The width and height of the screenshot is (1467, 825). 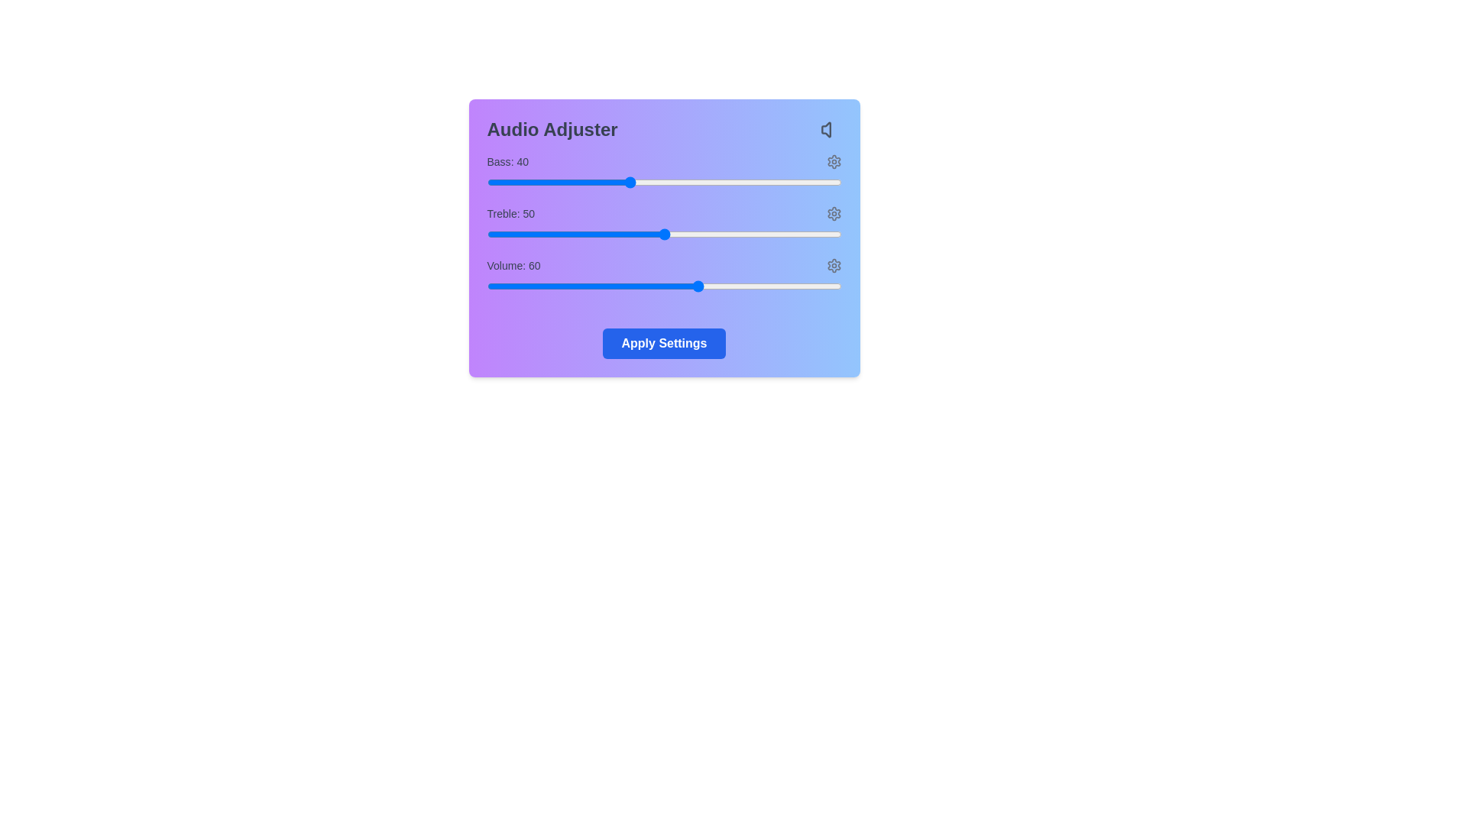 What do you see at coordinates (819, 235) in the screenshot?
I see `the treble level` at bounding box center [819, 235].